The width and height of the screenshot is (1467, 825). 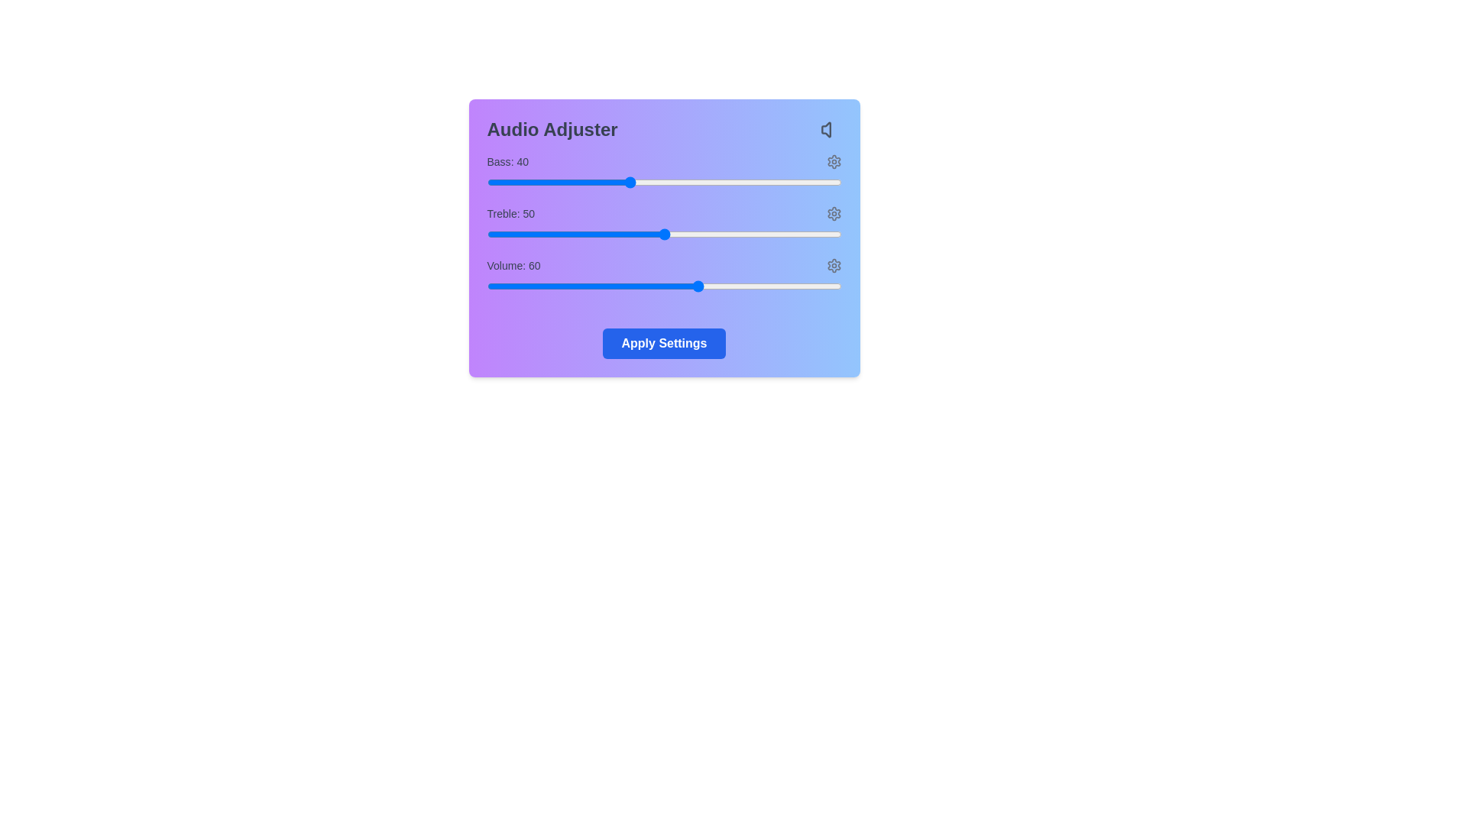 What do you see at coordinates (819, 235) in the screenshot?
I see `the treble level` at bounding box center [819, 235].